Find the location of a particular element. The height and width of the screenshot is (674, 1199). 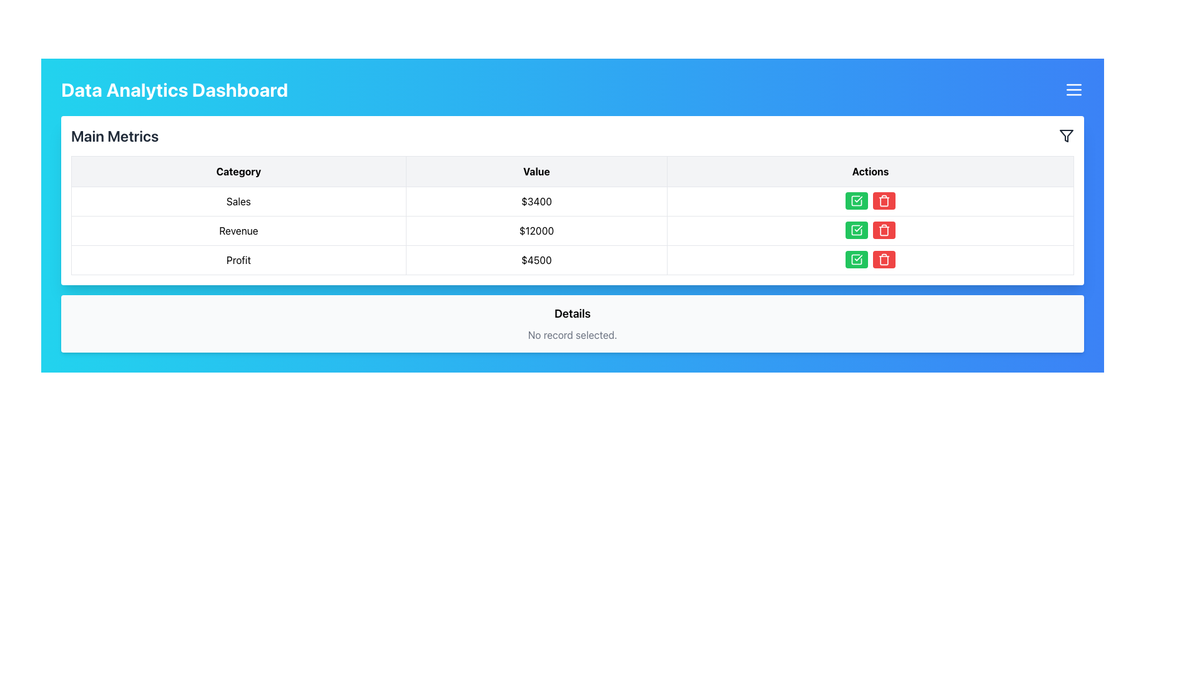

the 'Category' column header in the table, which is located in the top-left corner of the table header on the dashboard is located at coordinates (239, 171).